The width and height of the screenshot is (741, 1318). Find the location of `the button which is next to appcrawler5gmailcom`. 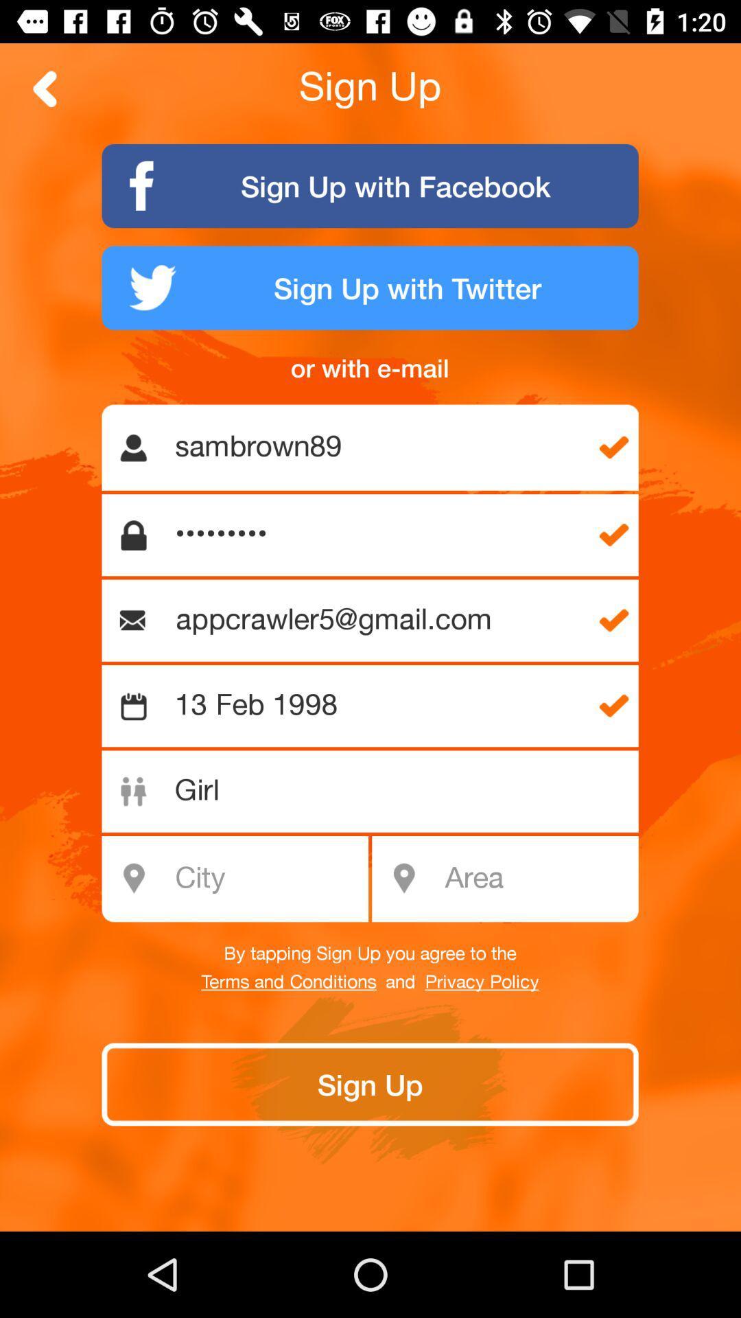

the button which is next to appcrawler5gmailcom is located at coordinates (613, 620).